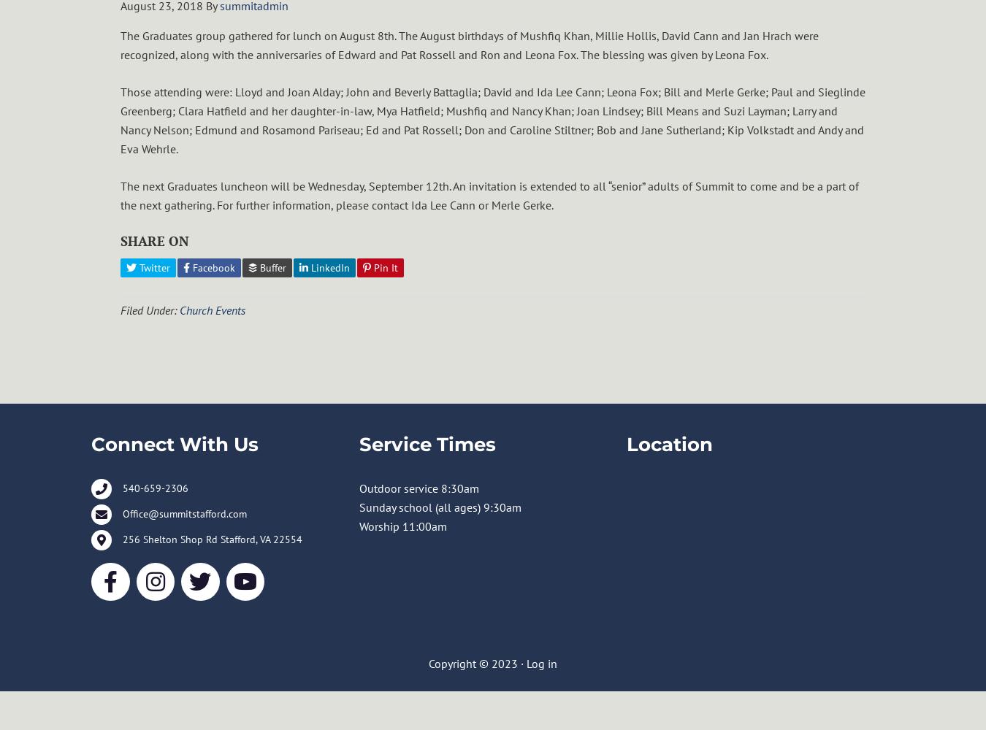  Describe the element at coordinates (154, 240) in the screenshot. I see `'SHARE ON'` at that location.